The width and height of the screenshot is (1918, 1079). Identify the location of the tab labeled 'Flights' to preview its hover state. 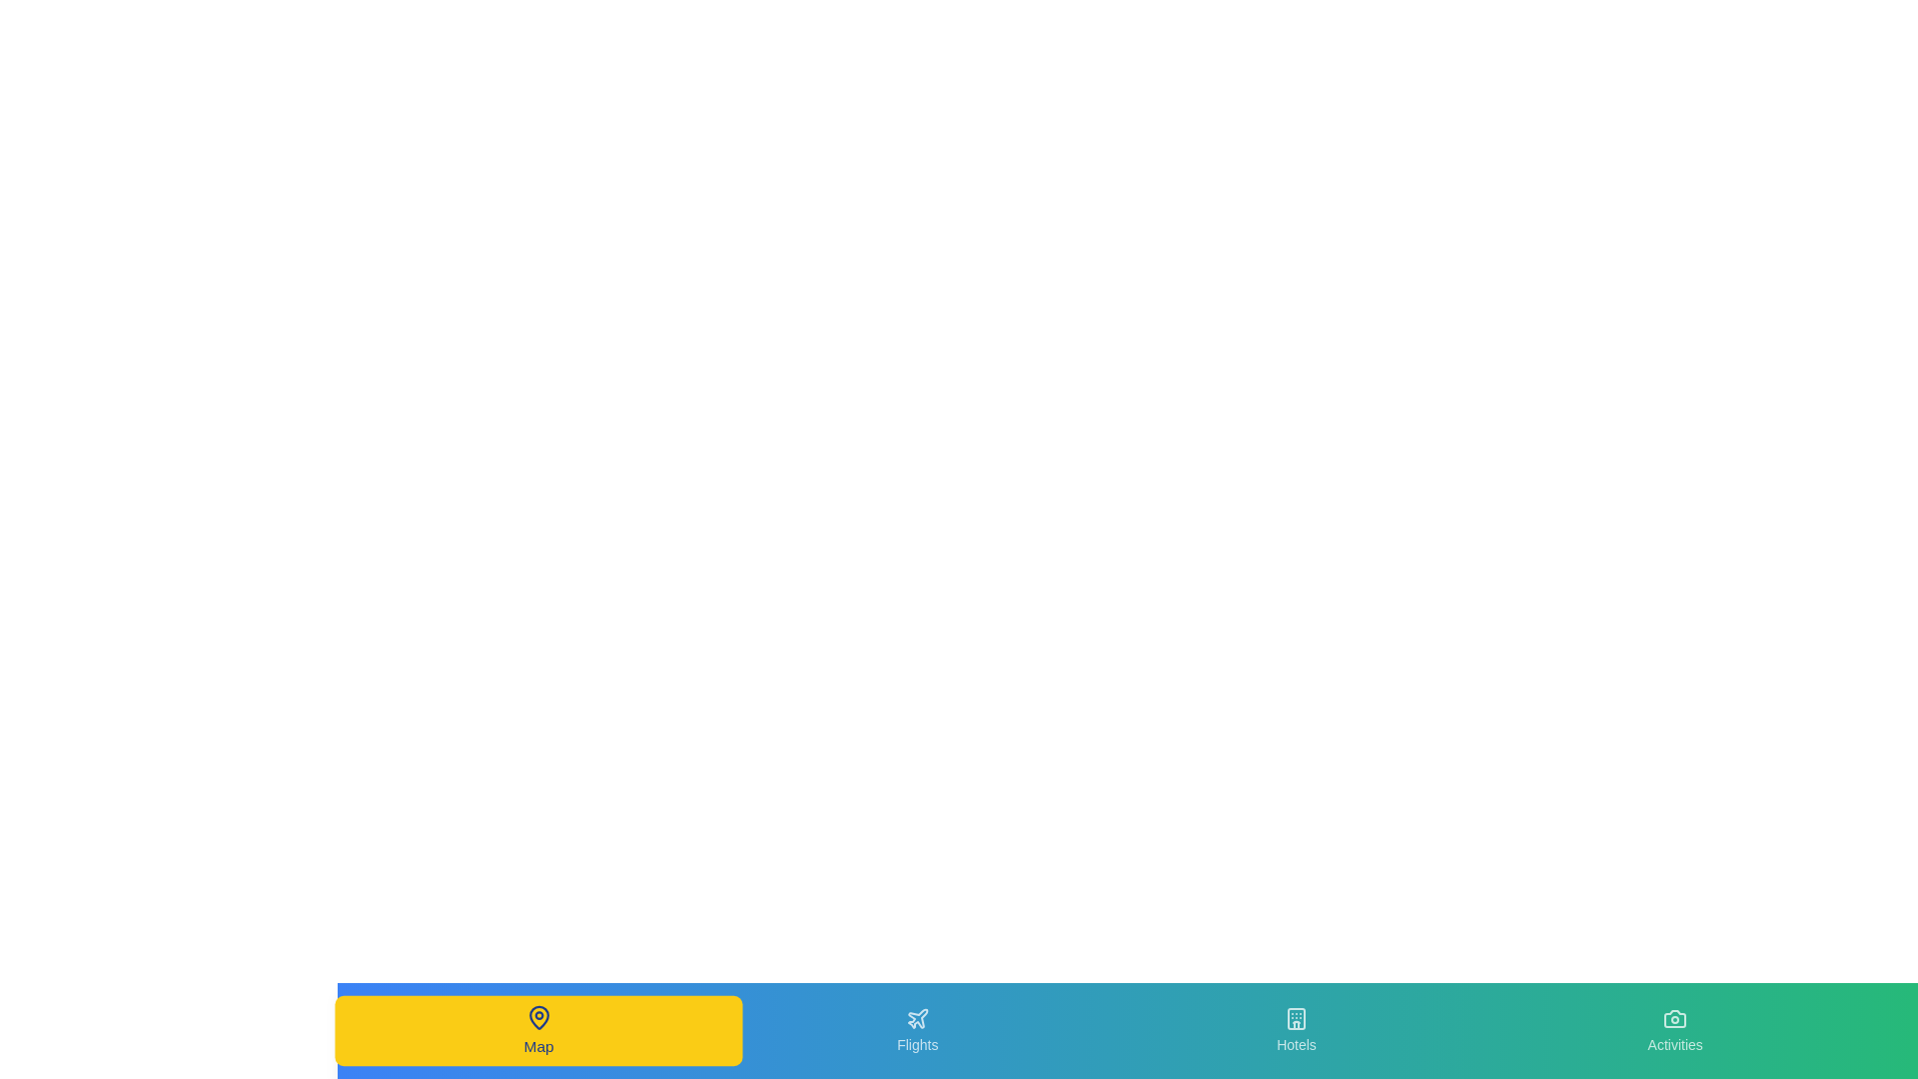
(916, 1031).